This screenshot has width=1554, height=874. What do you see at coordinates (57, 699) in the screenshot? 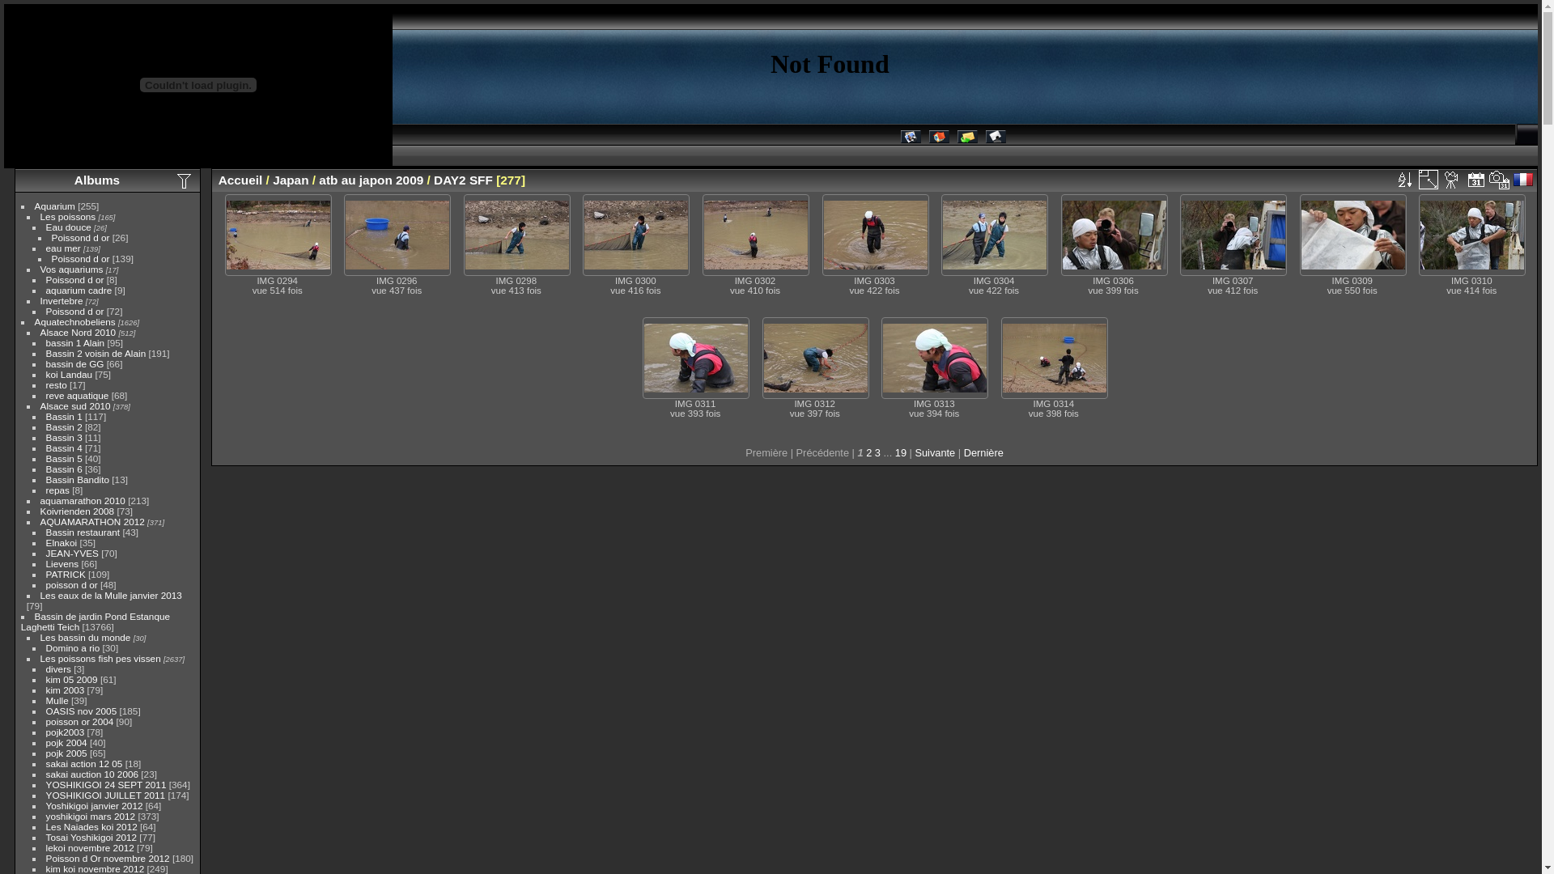
I see `'Mulle'` at bounding box center [57, 699].